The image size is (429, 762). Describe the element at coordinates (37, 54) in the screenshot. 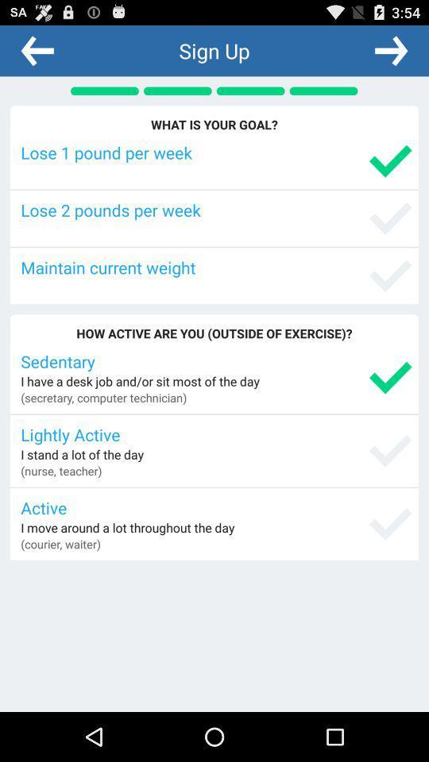

I see `the arrow_backward icon` at that location.